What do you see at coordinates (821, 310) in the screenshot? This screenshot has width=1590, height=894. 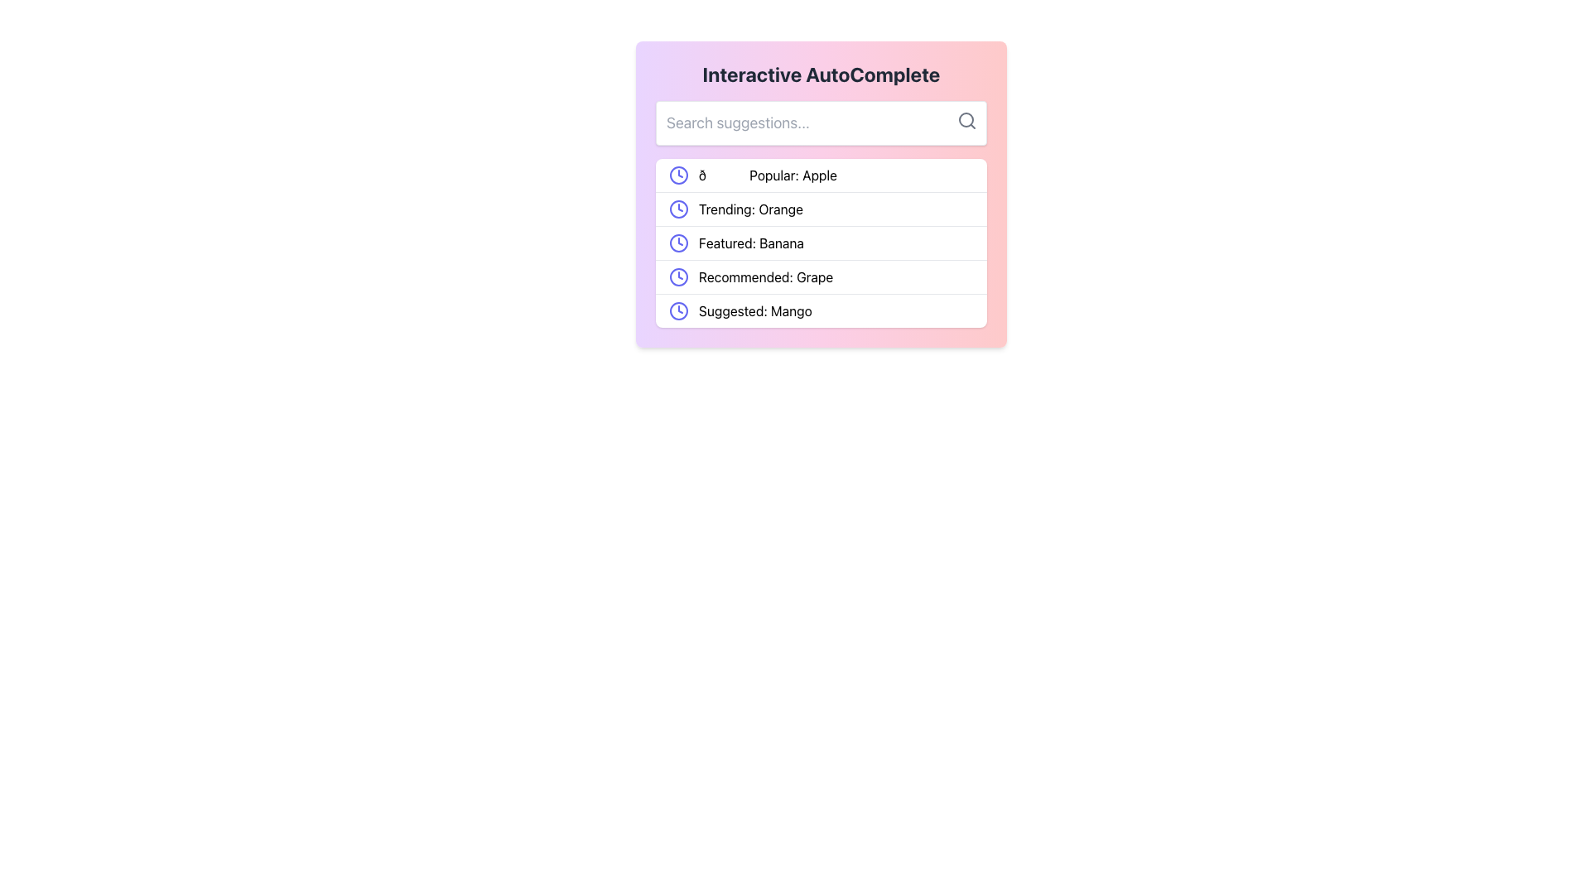 I see `the fifth list item in the dropdown menu, which is located below the 'Recommended: Grape' item, to trigger potential highlighting or a tooltip` at bounding box center [821, 310].